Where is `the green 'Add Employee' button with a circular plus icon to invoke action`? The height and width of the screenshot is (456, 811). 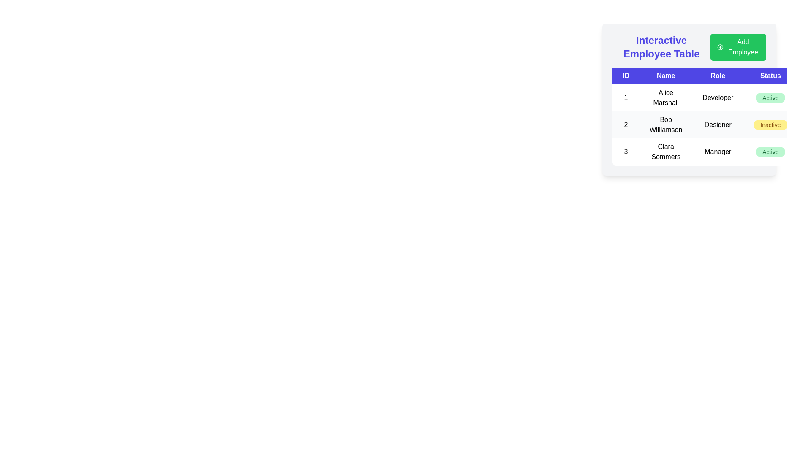
the green 'Add Employee' button with a circular plus icon to invoke action is located at coordinates (738, 47).